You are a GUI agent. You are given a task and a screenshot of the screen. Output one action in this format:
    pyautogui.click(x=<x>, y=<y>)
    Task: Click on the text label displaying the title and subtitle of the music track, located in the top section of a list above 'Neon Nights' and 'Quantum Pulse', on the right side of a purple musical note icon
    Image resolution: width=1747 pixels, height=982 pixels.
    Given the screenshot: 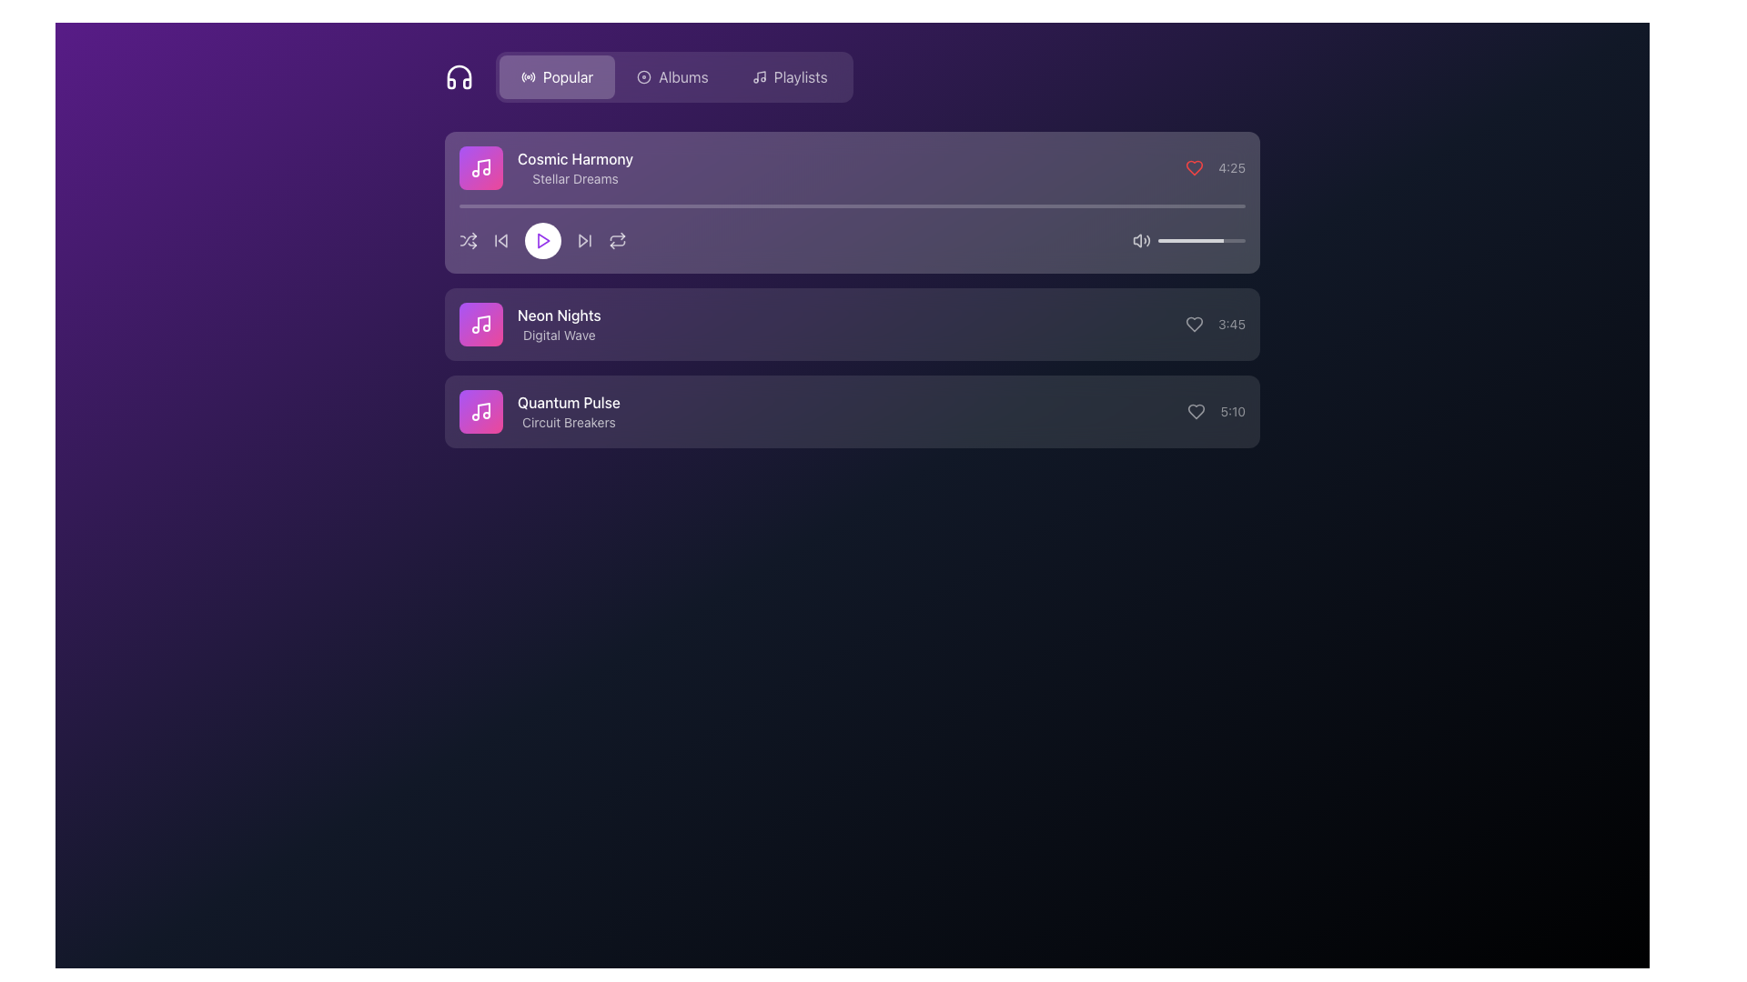 What is the action you would take?
    pyautogui.click(x=574, y=168)
    